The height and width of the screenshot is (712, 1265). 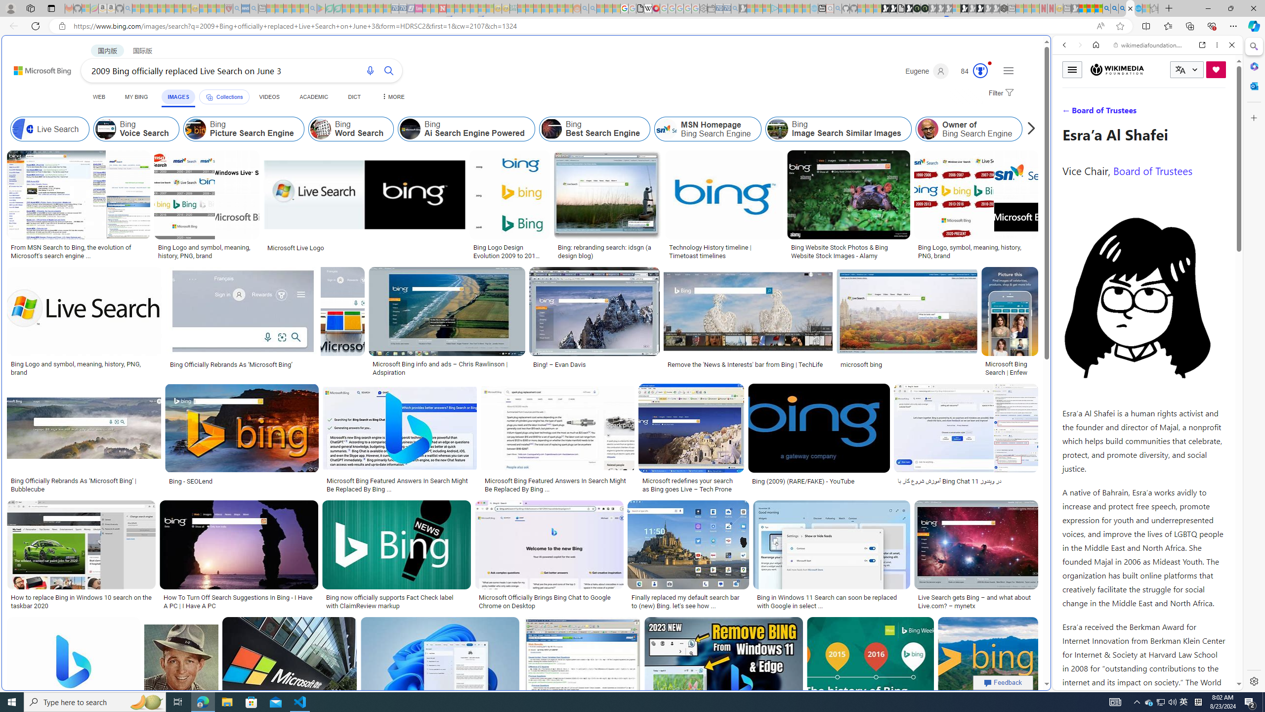 What do you see at coordinates (546, 8) in the screenshot?
I see `'Expert Portfolios - Sleeping'` at bounding box center [546, 8].